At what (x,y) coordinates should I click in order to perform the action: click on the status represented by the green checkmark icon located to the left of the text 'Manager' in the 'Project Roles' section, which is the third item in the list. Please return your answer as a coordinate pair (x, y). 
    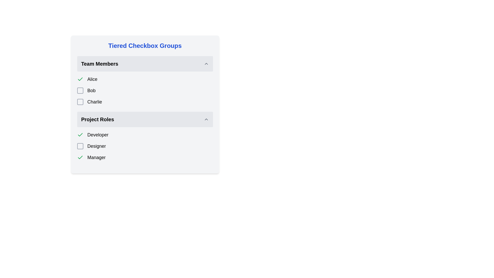
    Looking at the image, I should click on (80, 157).